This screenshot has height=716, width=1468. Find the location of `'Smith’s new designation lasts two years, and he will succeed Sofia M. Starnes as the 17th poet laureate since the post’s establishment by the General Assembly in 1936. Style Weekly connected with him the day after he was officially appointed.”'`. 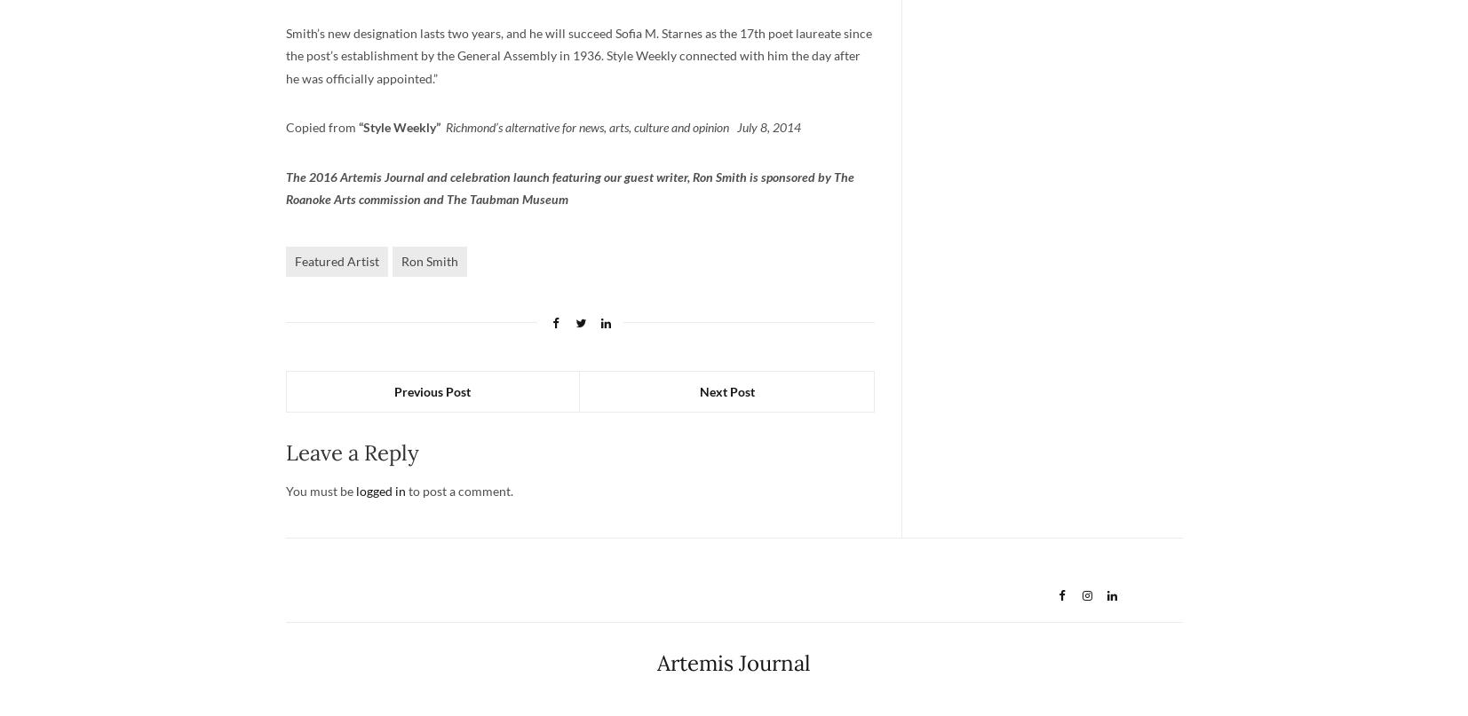

'Smith’s new designation lasts two years, and he will succeed Sofia M. Starnes as the 17th poet laureate since the post’s establishment by the General Assembly in 1936. Style Weekly connected with him the day after he was officially appointed.”' is located at coordinates (284, 54).